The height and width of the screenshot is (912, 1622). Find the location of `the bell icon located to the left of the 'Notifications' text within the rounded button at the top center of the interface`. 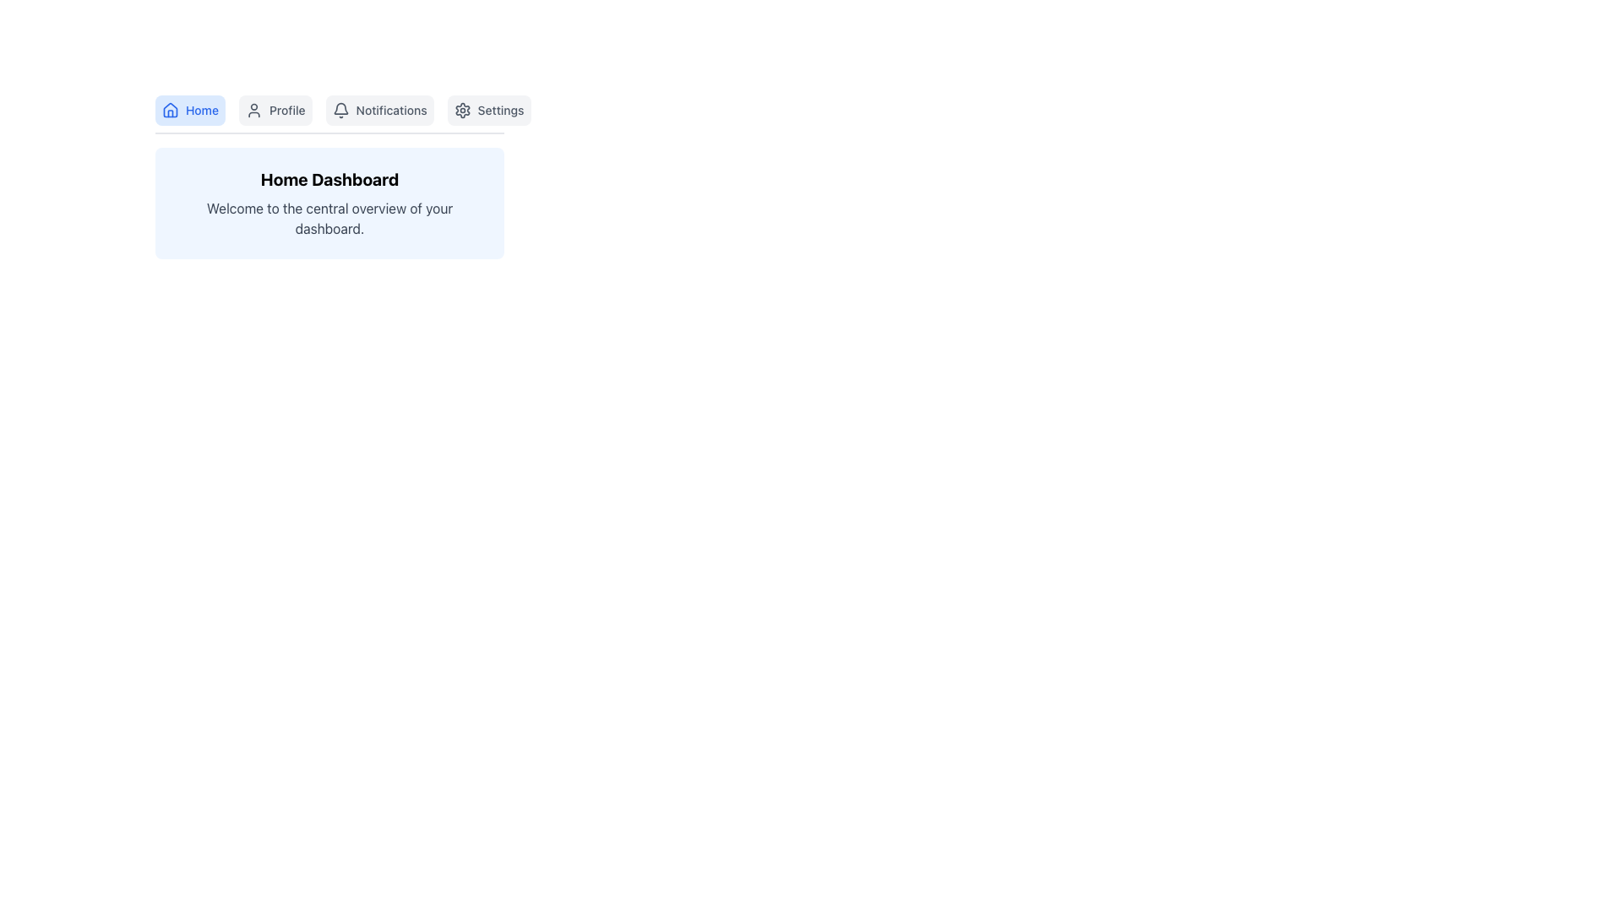

the bell icon located to the left of the 'Notifications' text within the rounded button at the top center of the interface is located at coordinates (340, 111).